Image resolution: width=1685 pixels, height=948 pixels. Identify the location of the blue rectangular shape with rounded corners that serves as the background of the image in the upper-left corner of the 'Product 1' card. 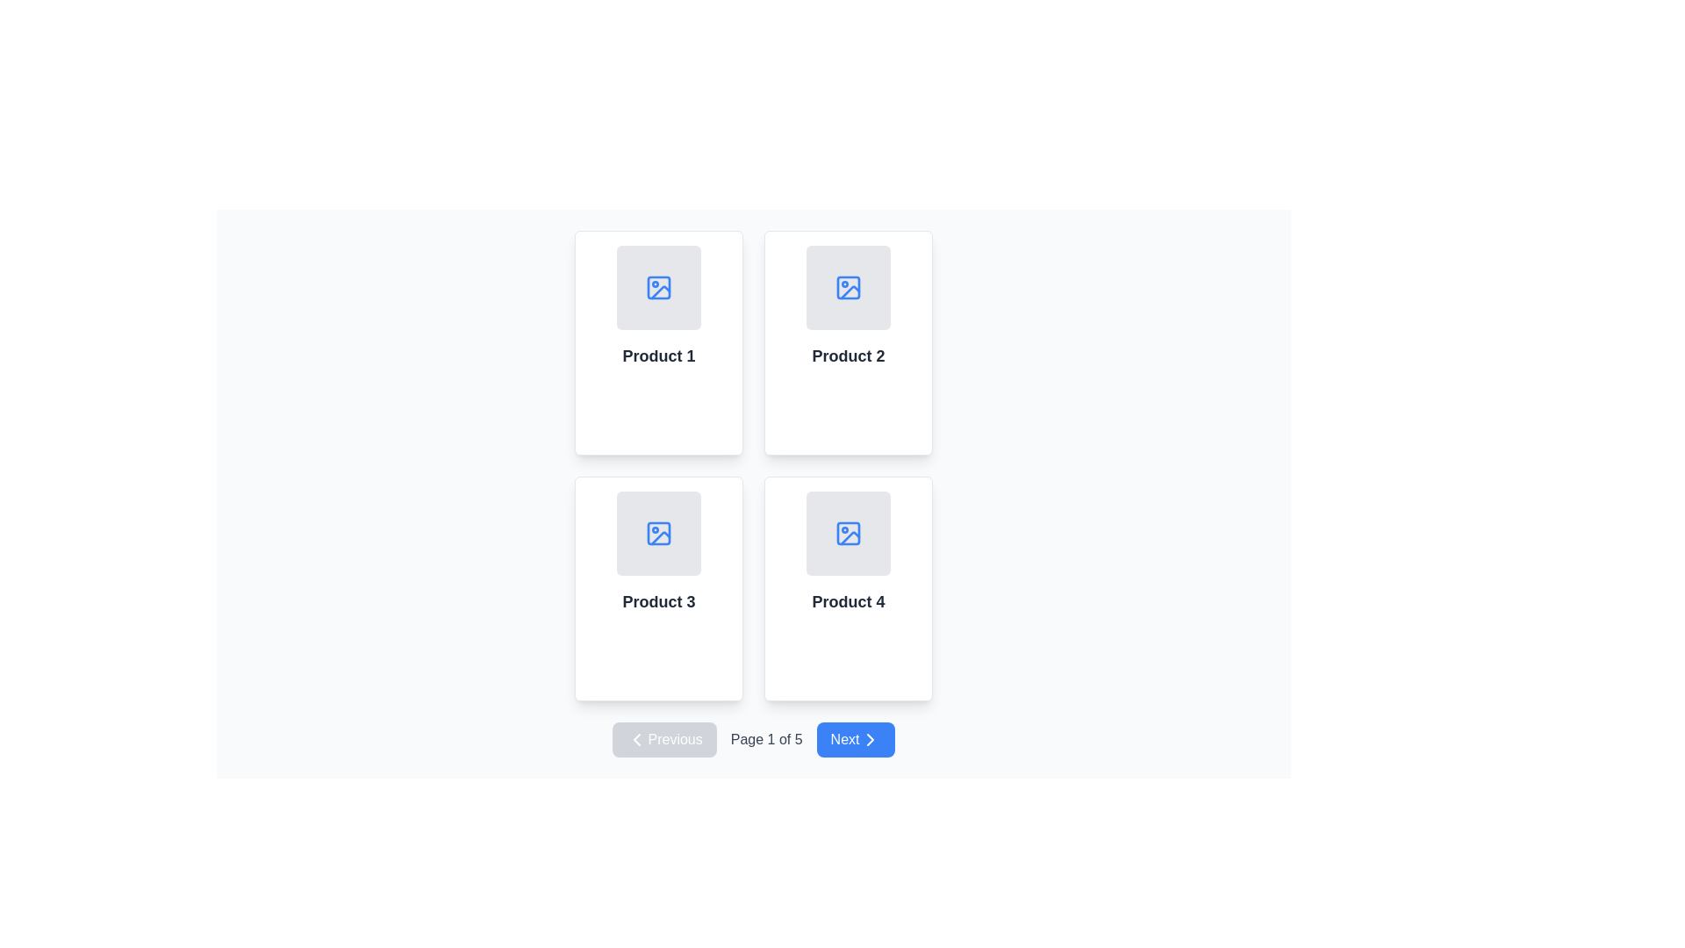
(657, 286).